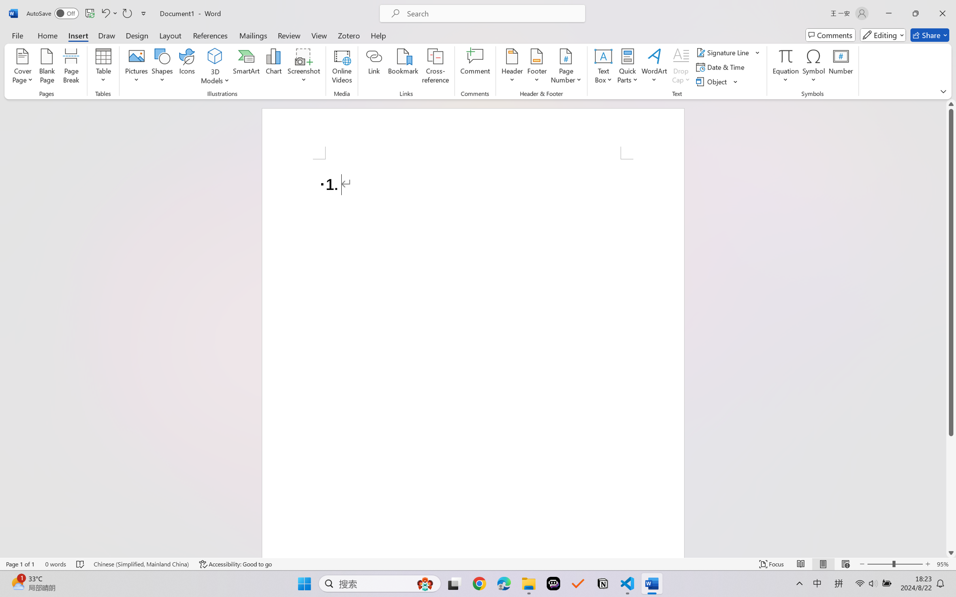 Image resolution: width=956 pixels, height=597 pixels. Describe the element at coordinates (511, 67) in the screenshot. I see `'Header'` at that location.